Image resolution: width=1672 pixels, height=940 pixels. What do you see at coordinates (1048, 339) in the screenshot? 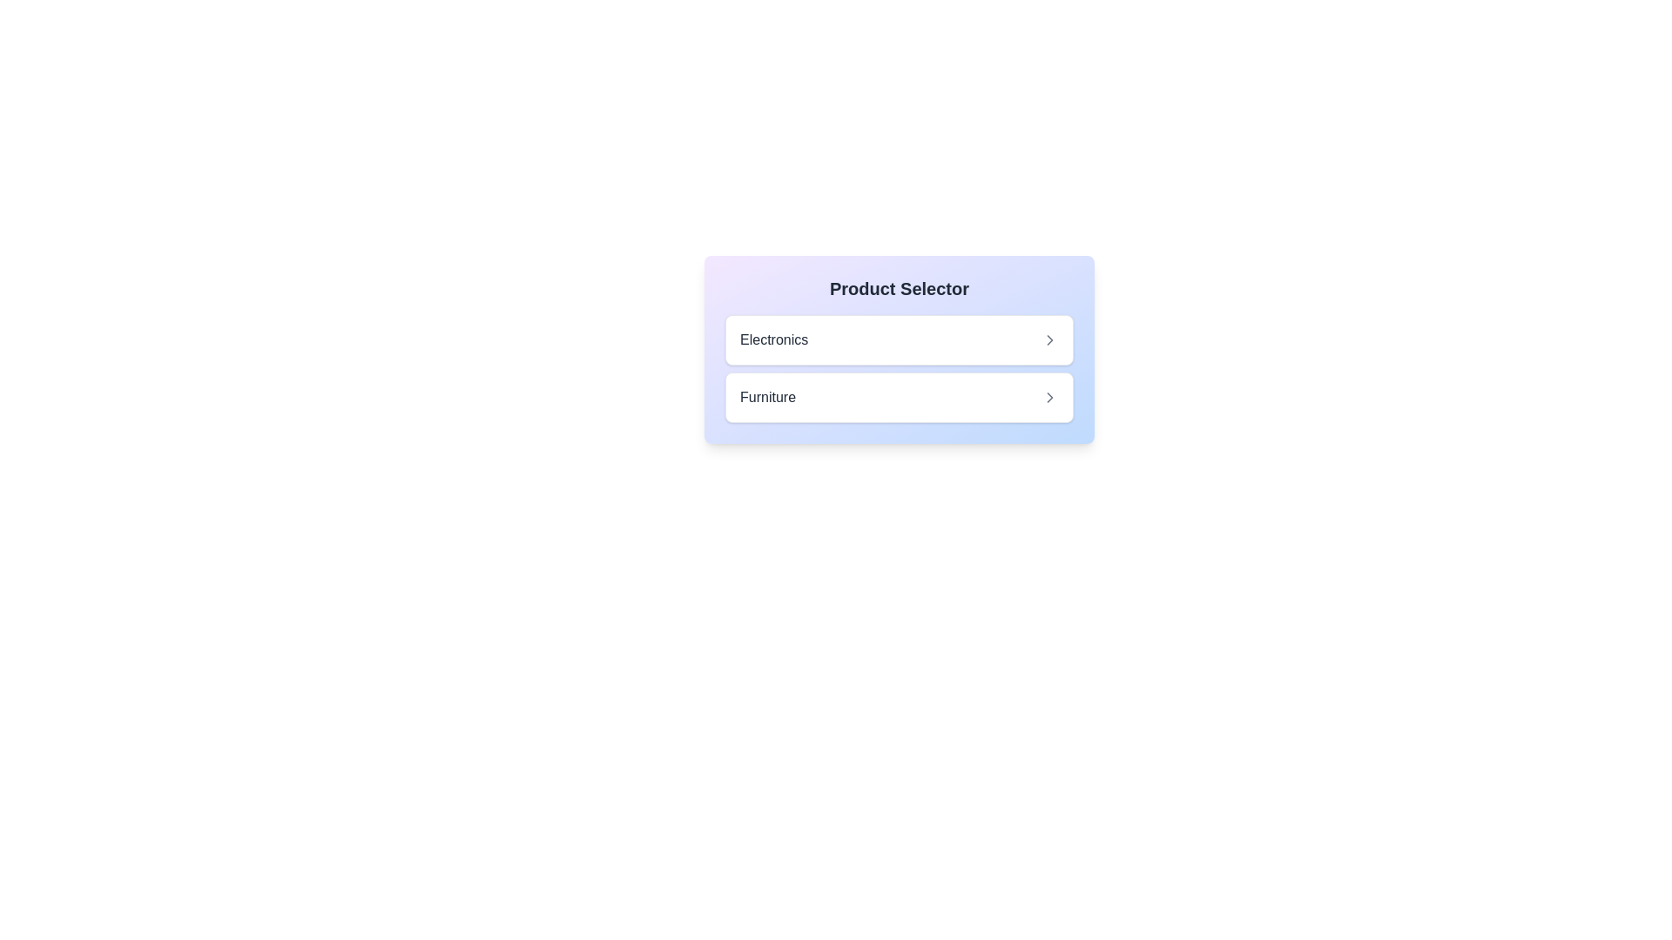
I see `the chevron icon pointing to the right` at bounding box center [1048, 339].